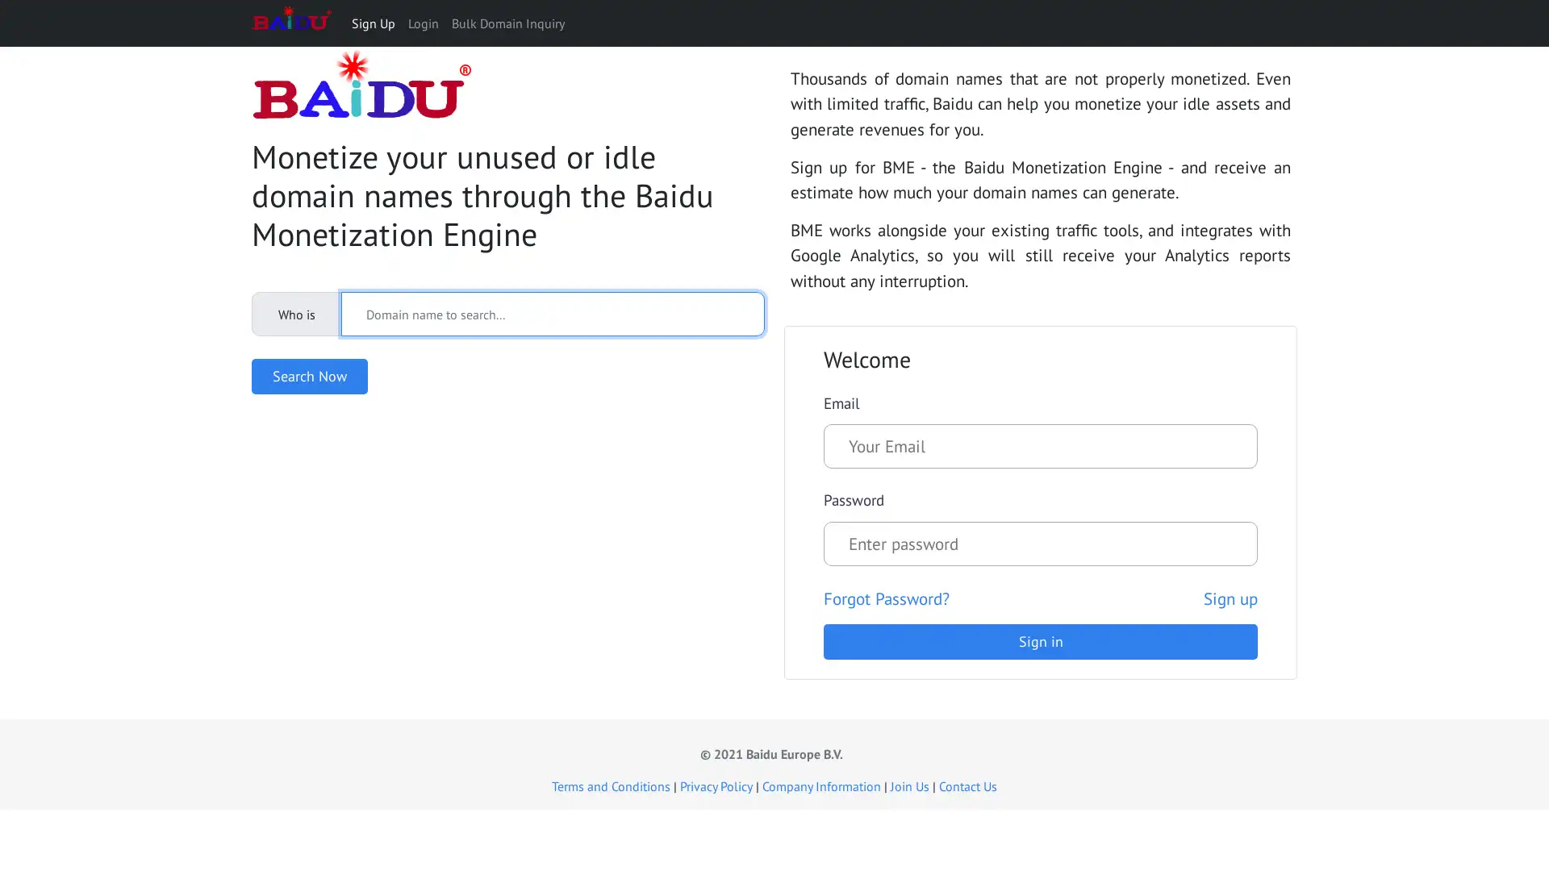  Describe the element at coordinates (310, 376) in the screenshot. I see `Search Now` at that location.